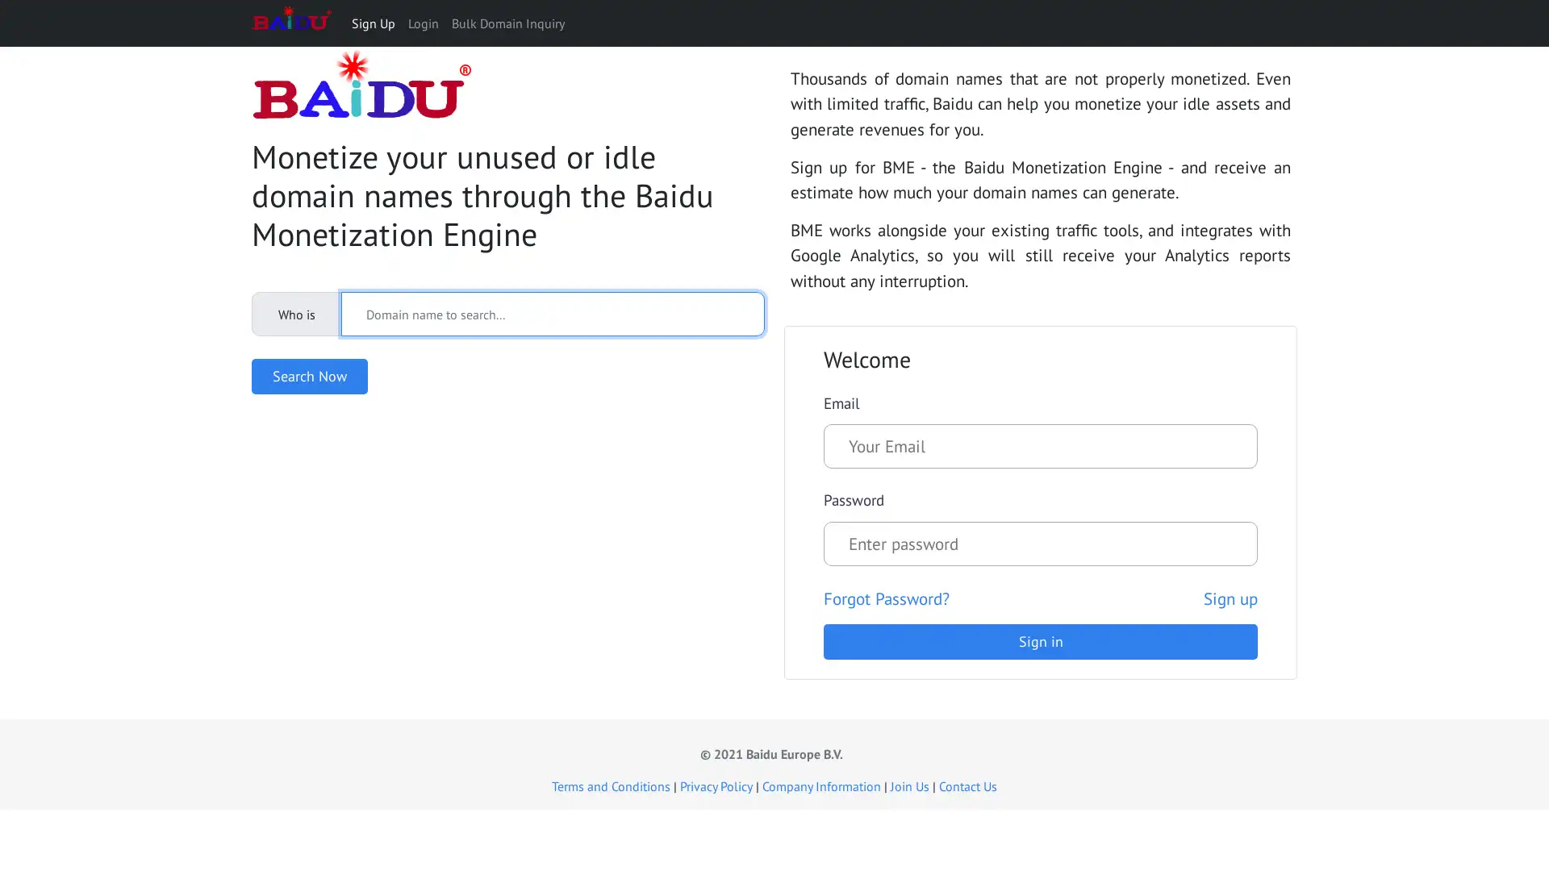  Describe the element at coordinates (310, 376) in the screenshot. I see `Search Now` at that location.